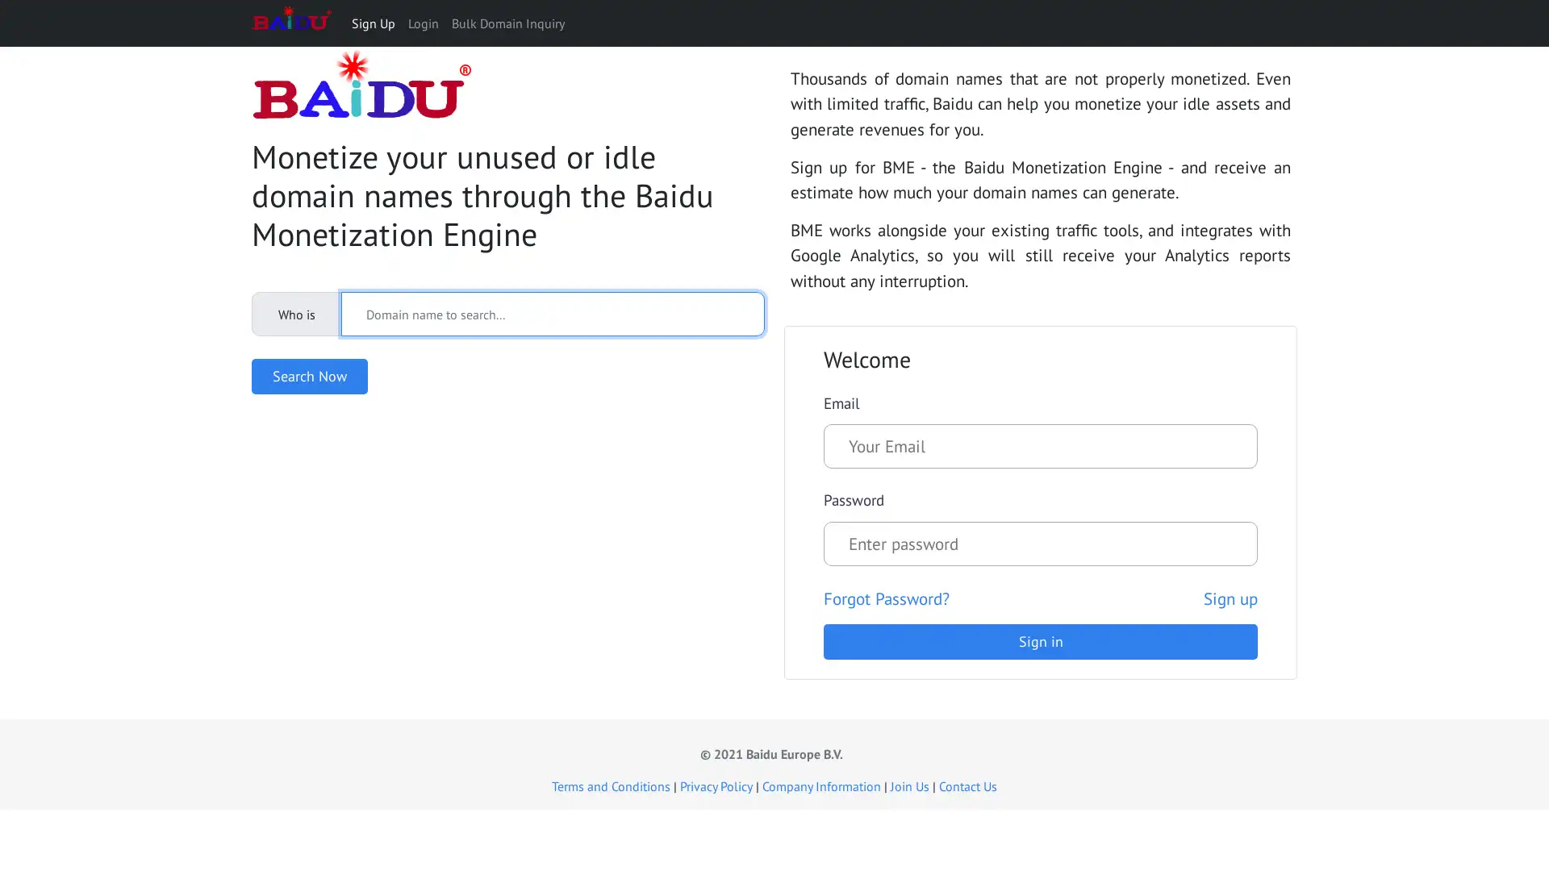  Describe the element at coordinates (310, 376) in the screenshot. I see `Search Now` at that location.